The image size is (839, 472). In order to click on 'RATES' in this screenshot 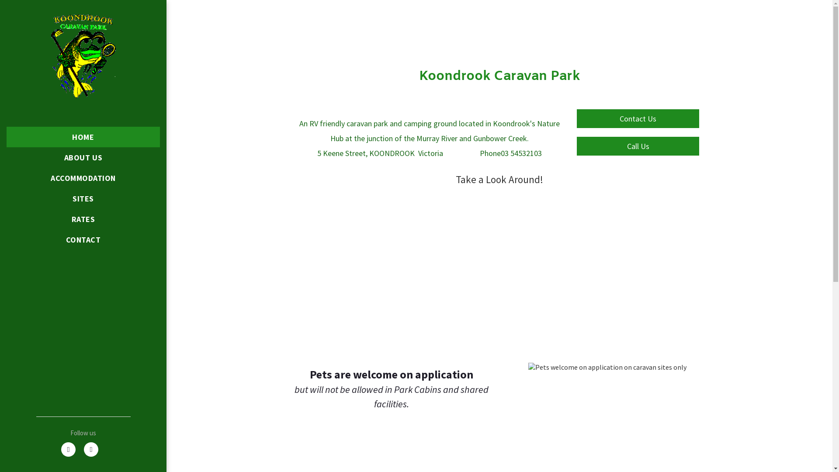, I will do `click(83, 219)`.